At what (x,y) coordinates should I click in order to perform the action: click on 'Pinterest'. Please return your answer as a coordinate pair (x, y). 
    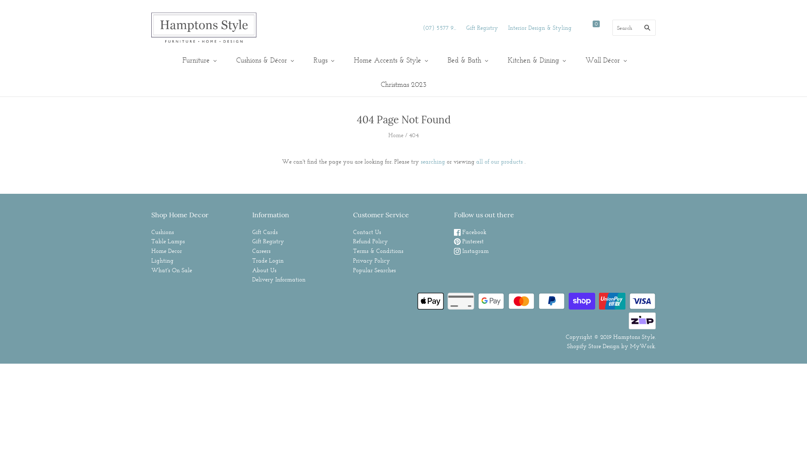
    Looking at the image, I should click on (468, 241).